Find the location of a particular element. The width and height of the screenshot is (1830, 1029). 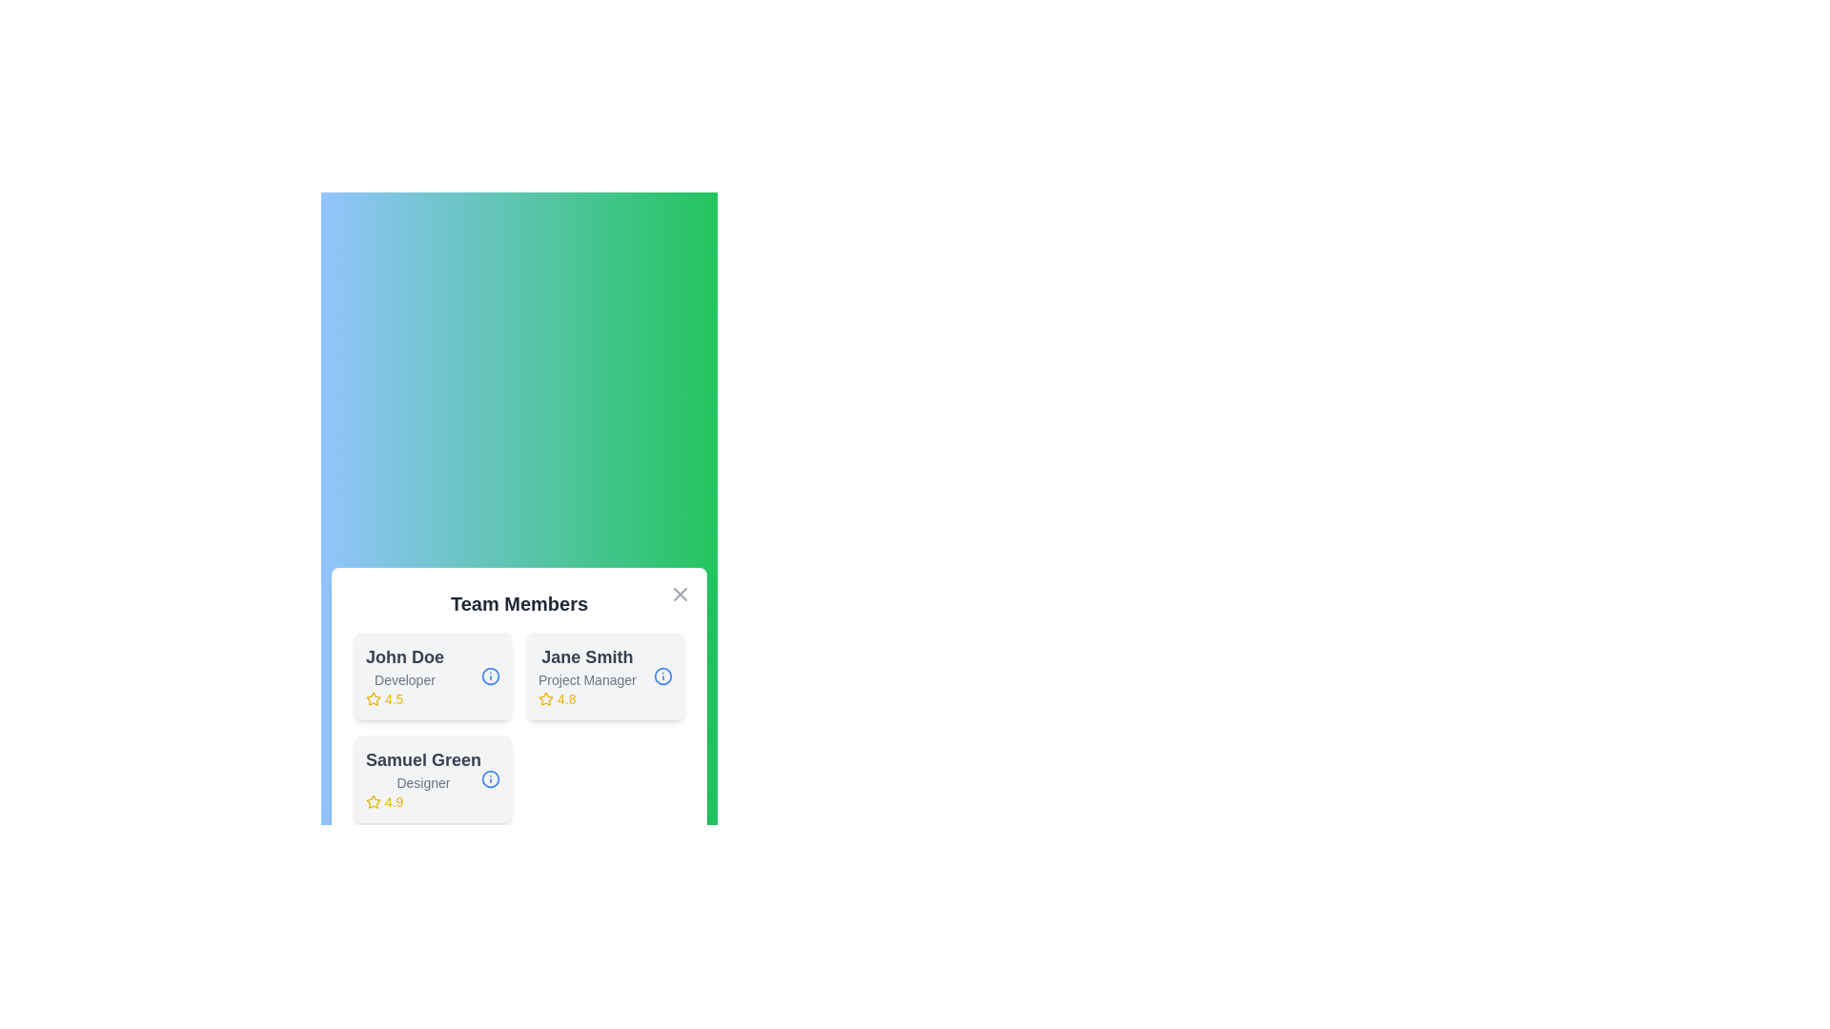

the info button for Jane Smith to view their details is located at coordinates (663, 675).